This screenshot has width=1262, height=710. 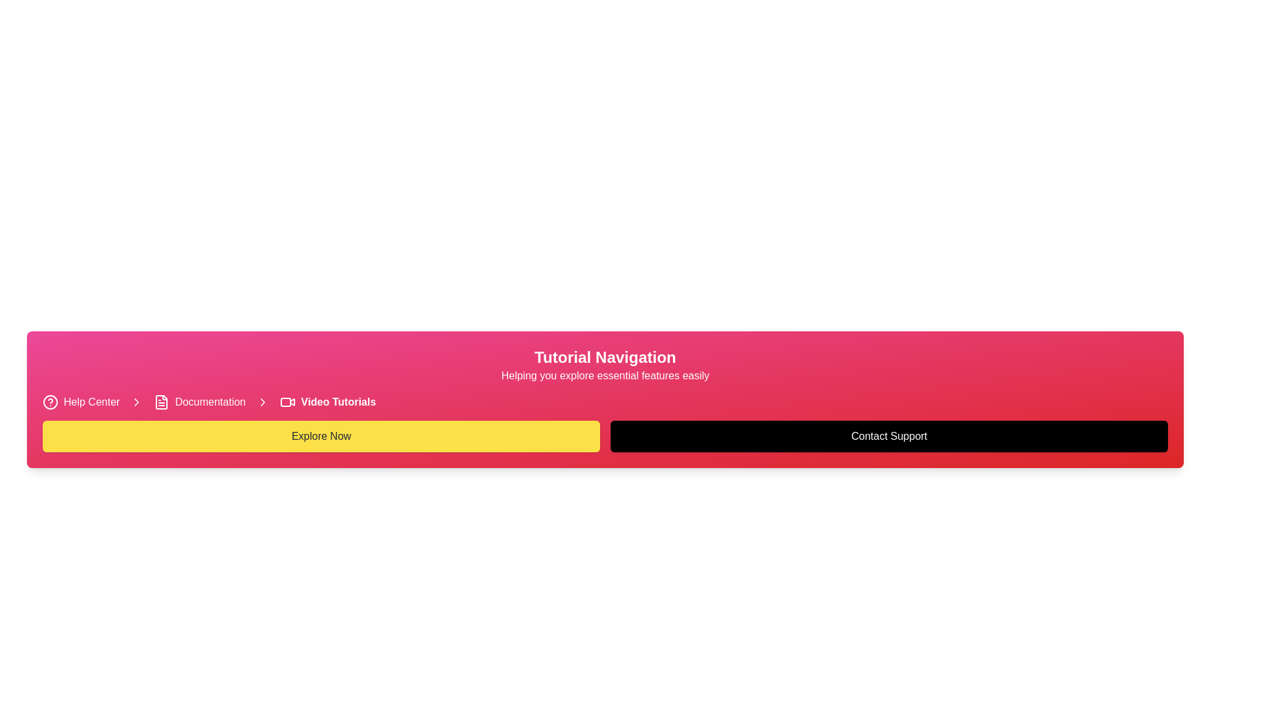 I want to click on the 'Documentation' hyperlink in the navigation bar to observe the underline effect, so click(x=210, y=402).